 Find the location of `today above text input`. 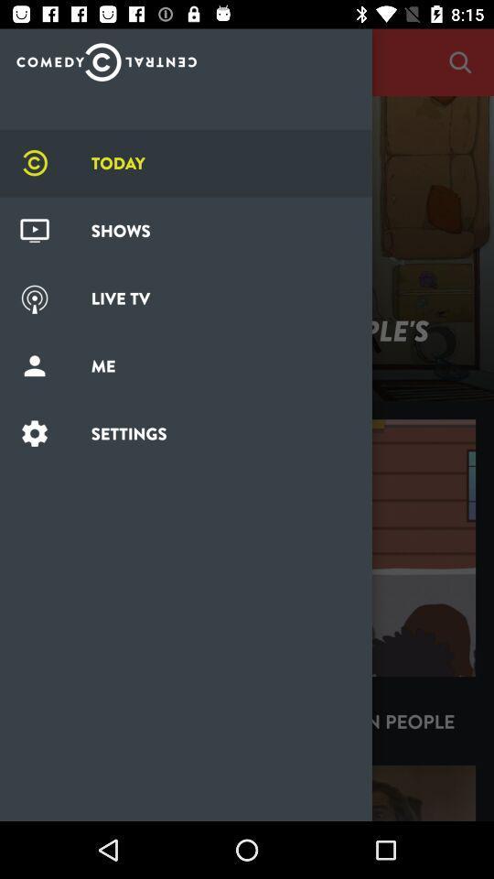

today above text input is located at coordinates (106, 57).